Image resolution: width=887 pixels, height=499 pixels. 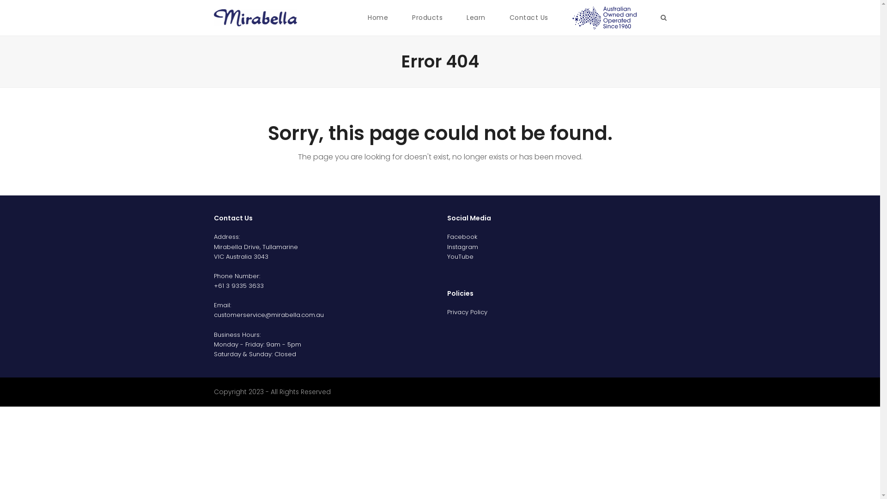 What do you see at coordinates (427, 18) in the screenshot?
I see `'Products'` at bounding box center [427, 18].